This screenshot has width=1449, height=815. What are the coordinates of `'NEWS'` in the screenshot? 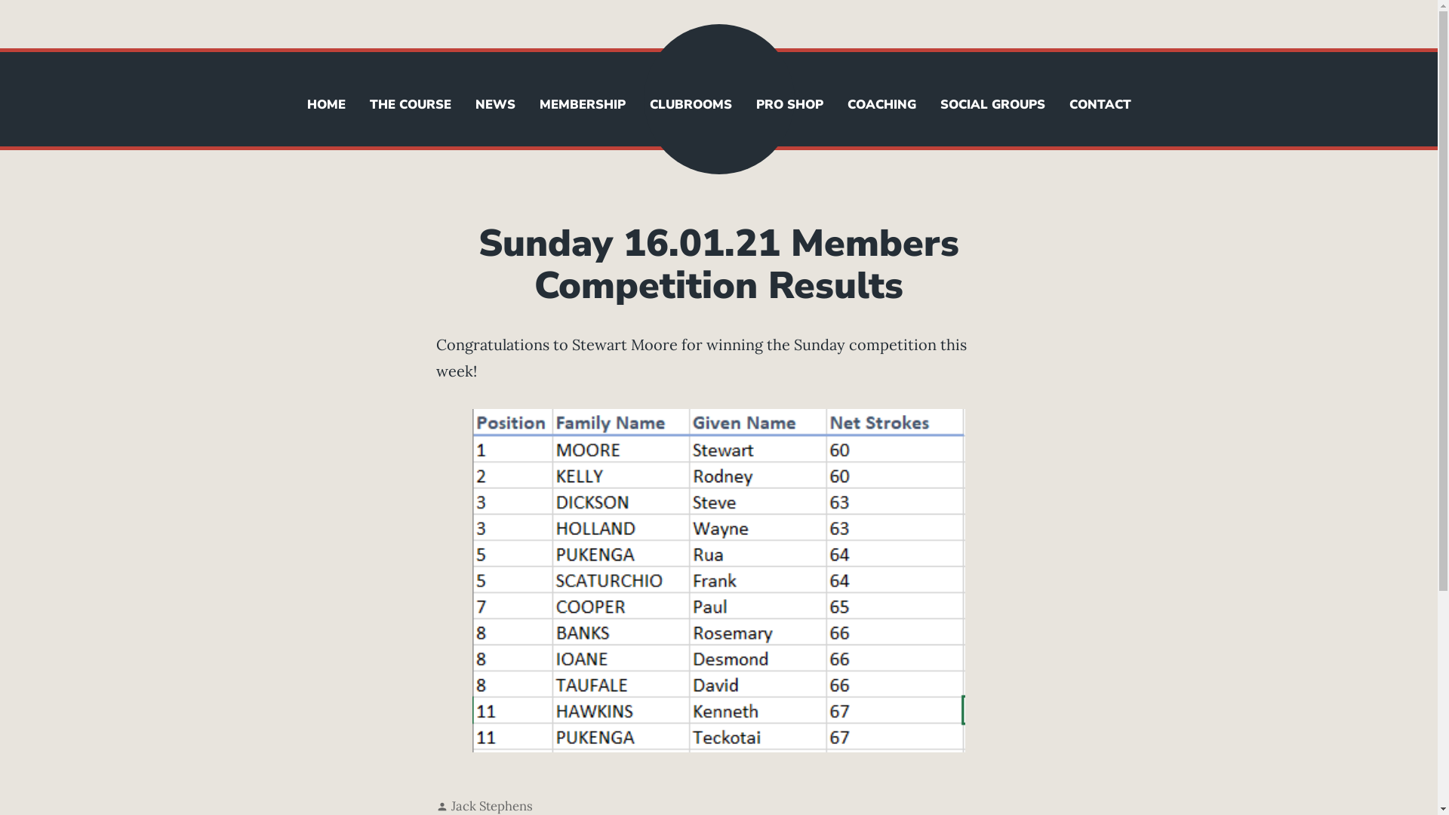 It's located at (495, 104).